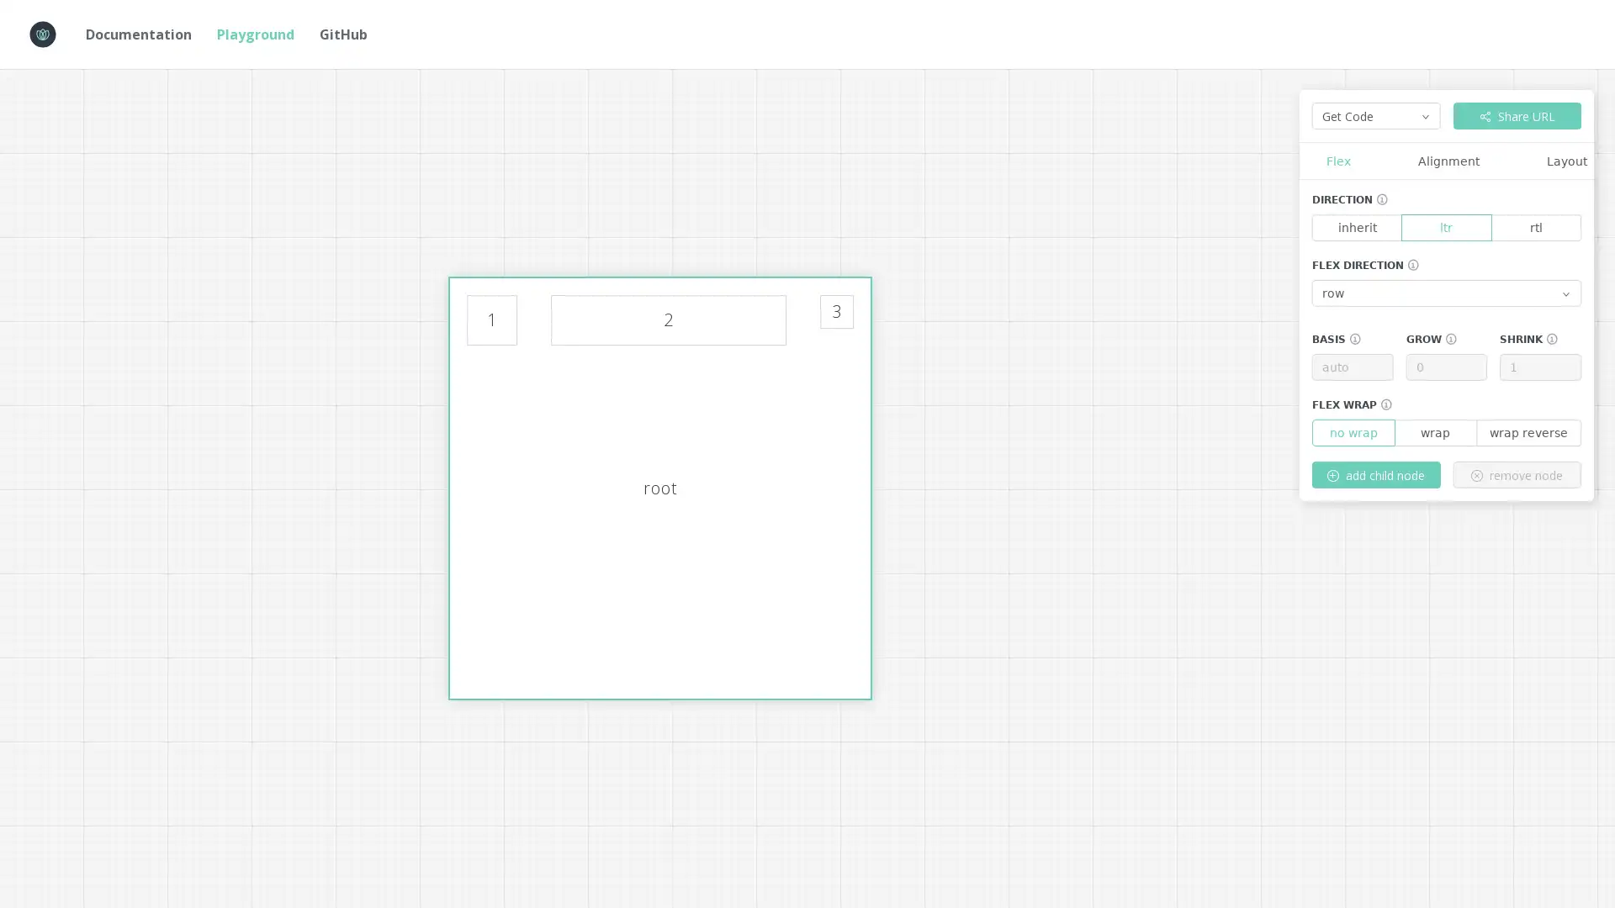 The width and height of the screenshot is (1615, 908). I want to click on Share URL, so click(1517, 115).